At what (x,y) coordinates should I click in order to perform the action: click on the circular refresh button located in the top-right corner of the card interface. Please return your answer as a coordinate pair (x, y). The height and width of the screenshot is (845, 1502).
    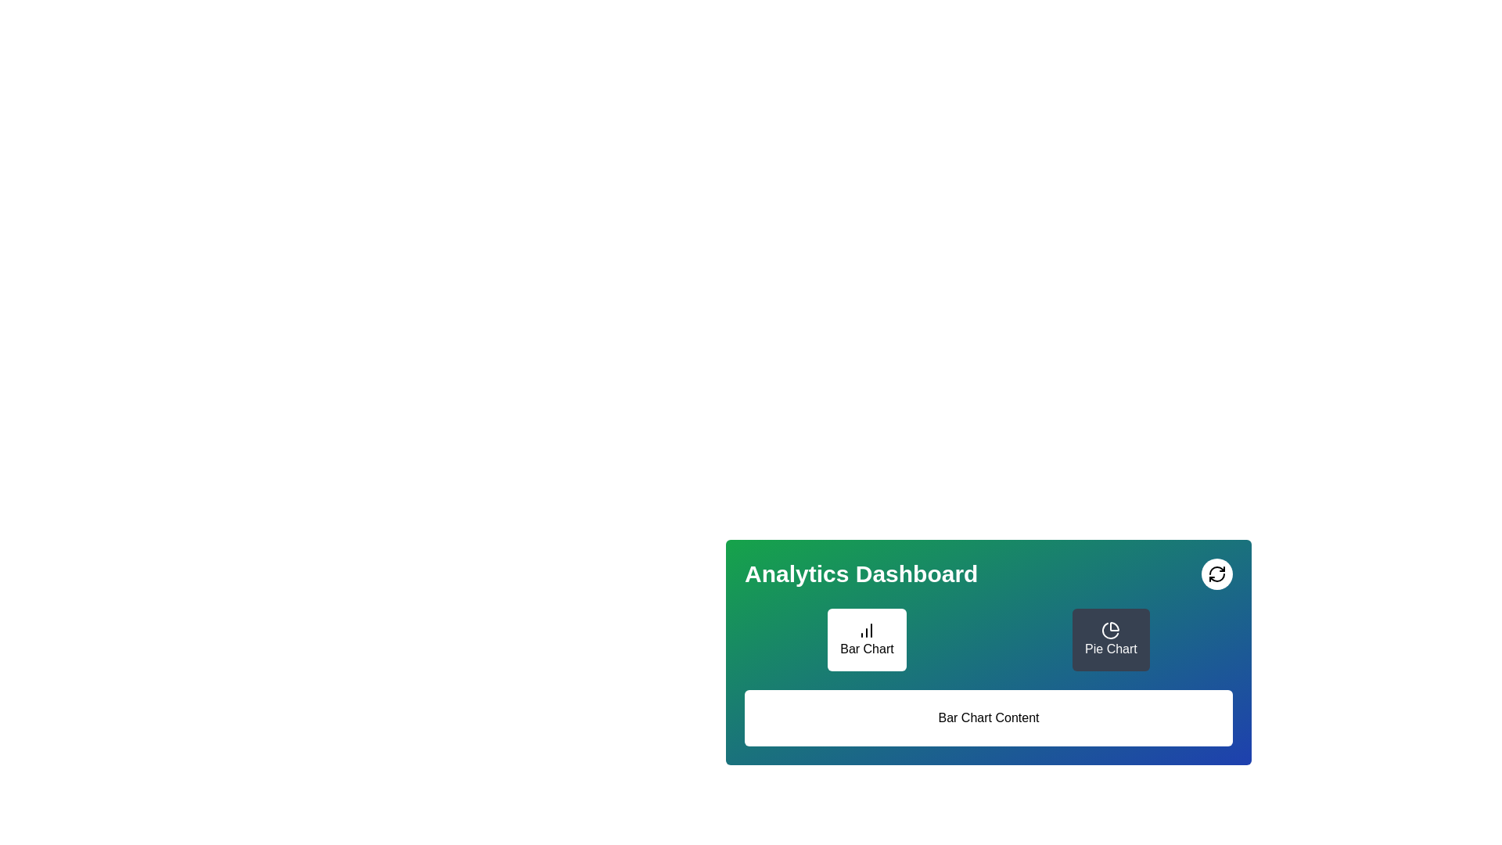
    Looking at the image, I should click on (1216, 574).